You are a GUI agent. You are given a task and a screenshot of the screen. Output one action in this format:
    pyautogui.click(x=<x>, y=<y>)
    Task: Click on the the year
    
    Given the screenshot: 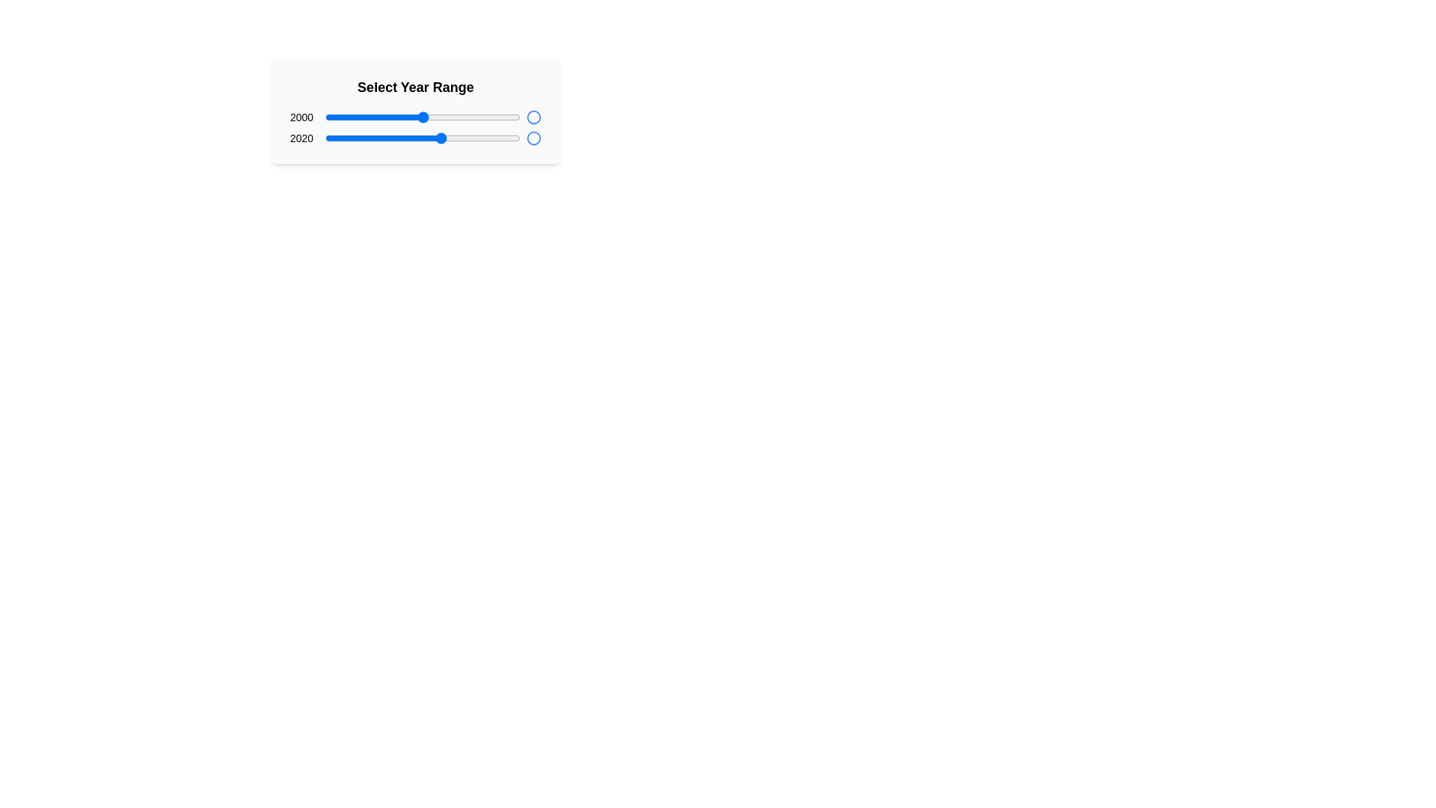 What is the action you would take?
    pyautogui.click(x=457, y=117)
    